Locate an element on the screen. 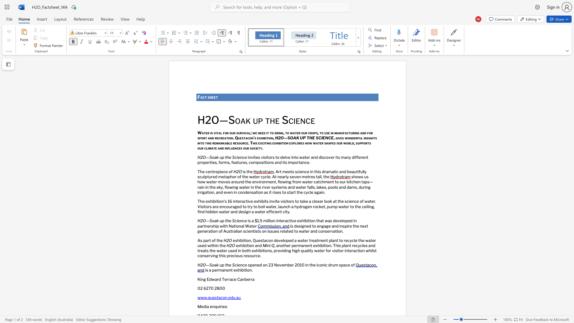  the subset text "lion interactive exhibition th" within the text "is a $1.5 million interactive exhibition that was developed in partnership with National Water" is located at coordinates (268, 221).